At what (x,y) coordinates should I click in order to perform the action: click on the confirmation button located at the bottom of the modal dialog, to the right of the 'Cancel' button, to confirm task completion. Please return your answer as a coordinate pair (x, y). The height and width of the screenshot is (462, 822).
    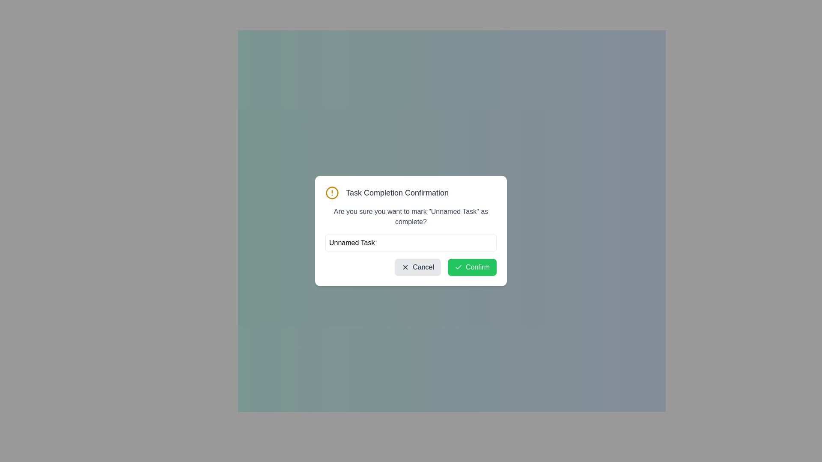
    Looking at the image, I should click on (451, 261).